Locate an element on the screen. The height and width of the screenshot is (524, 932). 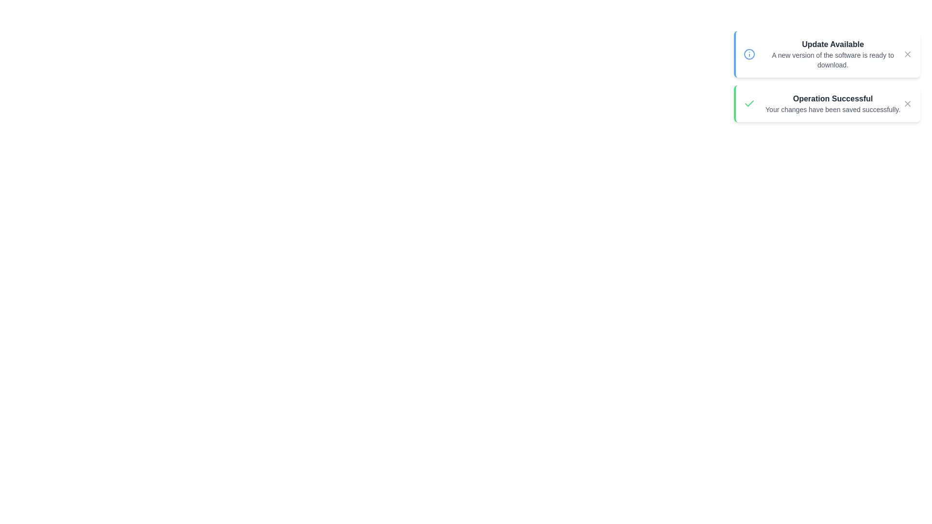
the close button in the top-right corner of the 'Operation Successful' notification panel to change its appearance is located at coordinates (907, 103).